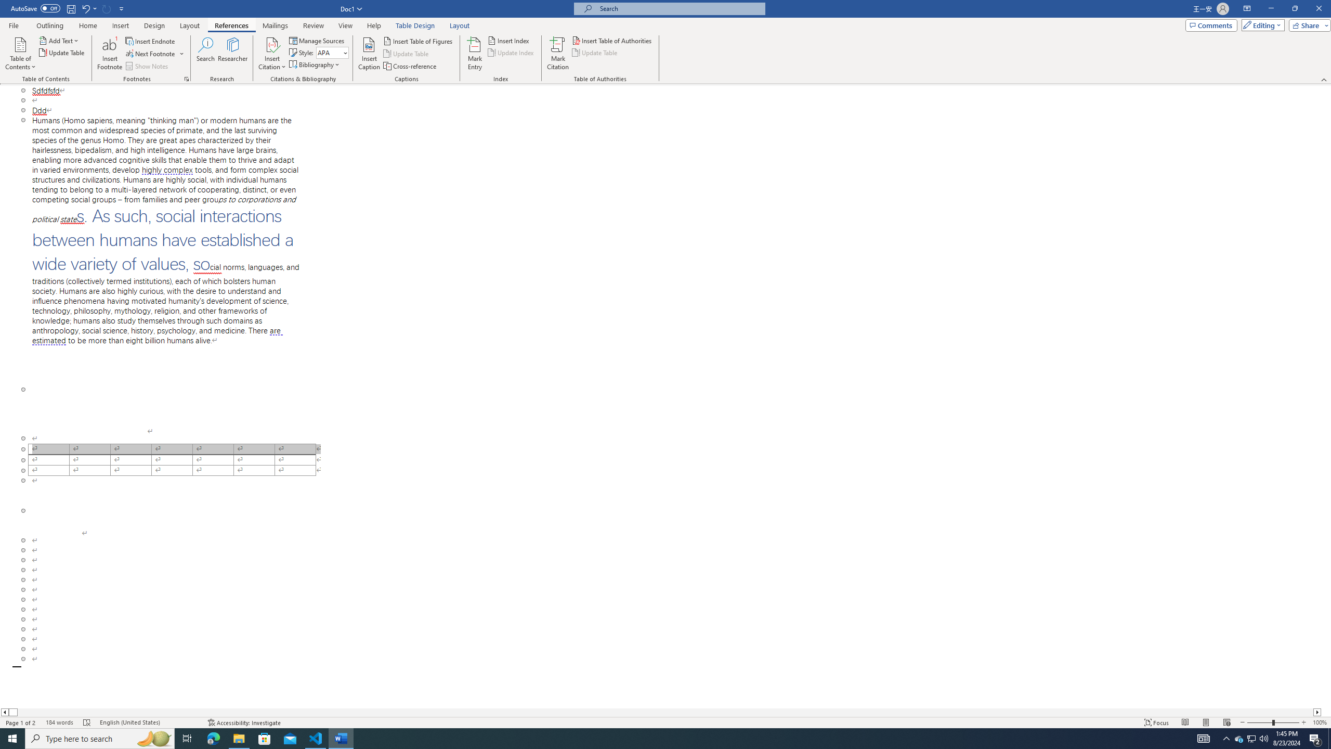  What do you see at coordinates (595, 51) in the screenshot?
I see `'Update Table'` at bounding box center [595, 51].